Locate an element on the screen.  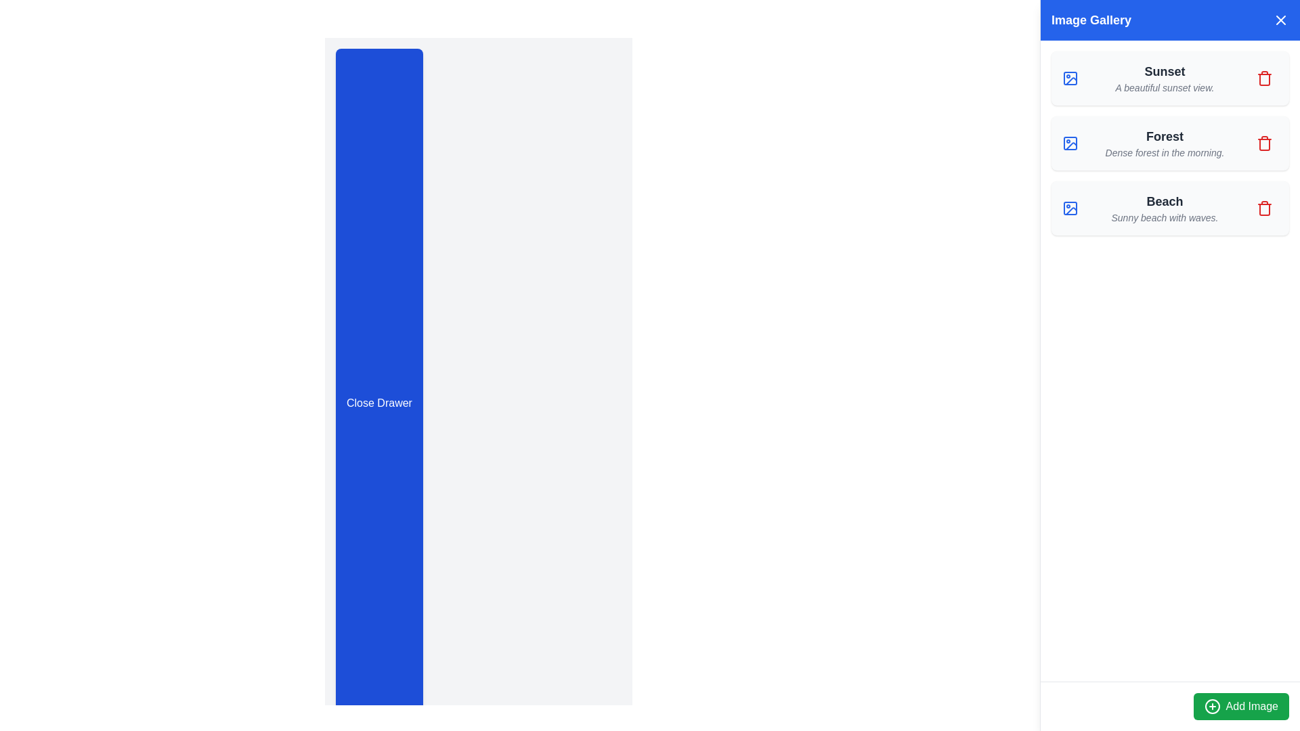
the text label that states 'Sunny beach with waves.' which is styled in a small, italic gray font and positioned directly beneath the bold text 'Beach' in the 'Image Gallery' sidebar is located at coordinates (1164, 217).